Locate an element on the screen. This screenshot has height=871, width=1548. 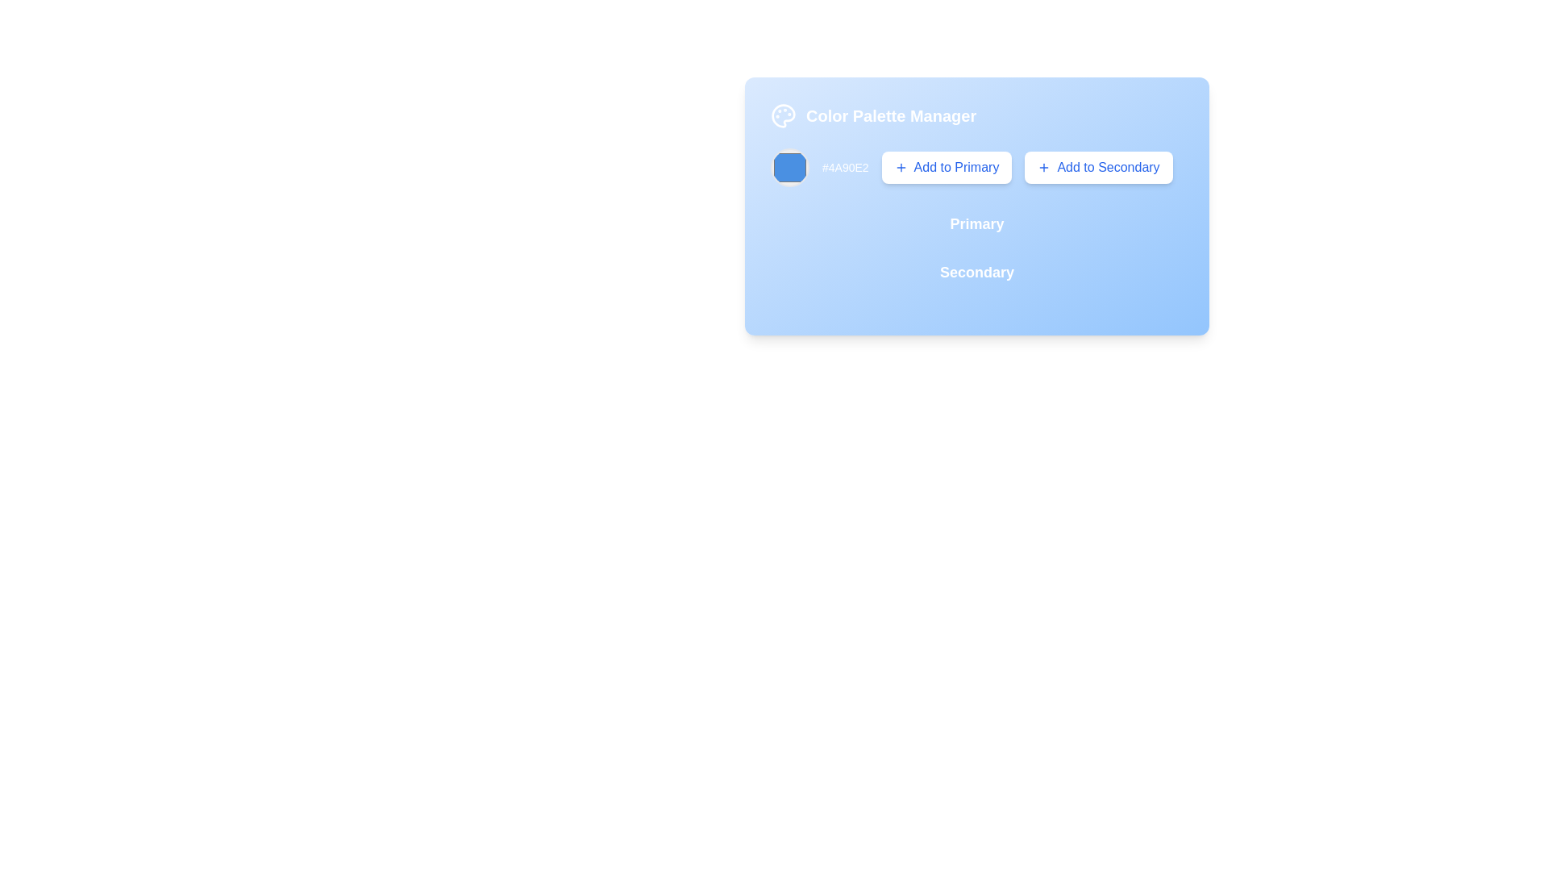
the interactive buttons in the color palette manager is located at coordinates (976, 168).